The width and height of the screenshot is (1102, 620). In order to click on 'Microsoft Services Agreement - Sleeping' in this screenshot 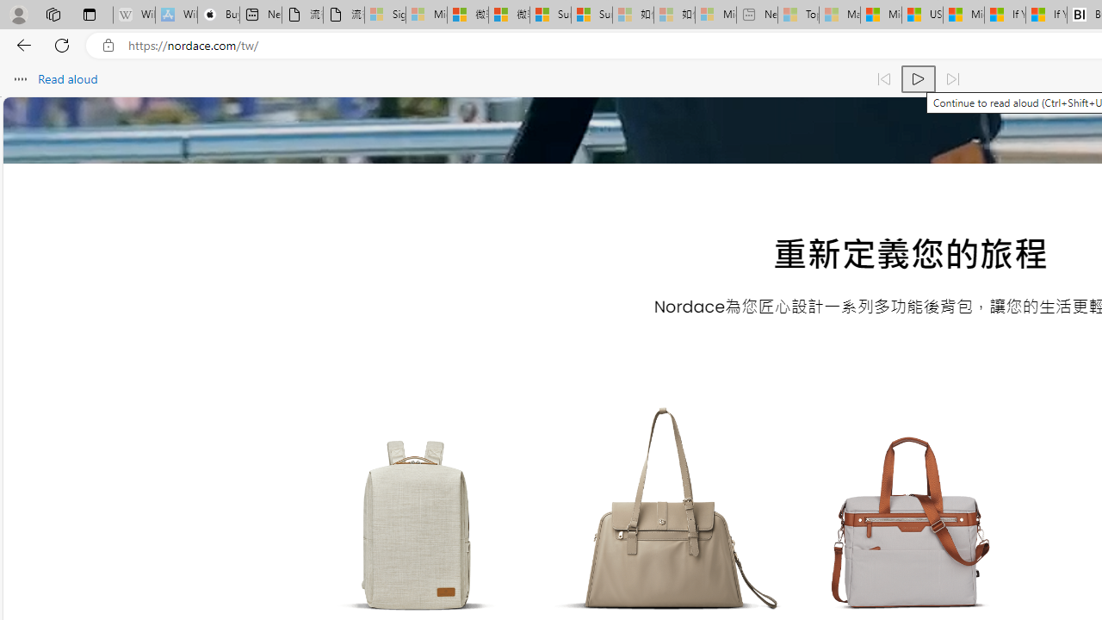, I will do `click(426, 15)`.